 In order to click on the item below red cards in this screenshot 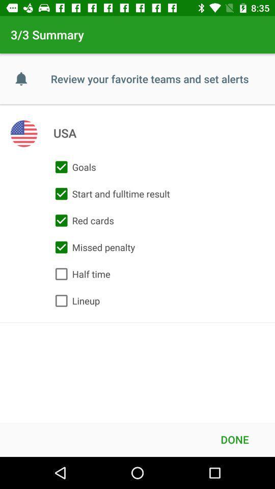, I will do `click(93, 247)`.